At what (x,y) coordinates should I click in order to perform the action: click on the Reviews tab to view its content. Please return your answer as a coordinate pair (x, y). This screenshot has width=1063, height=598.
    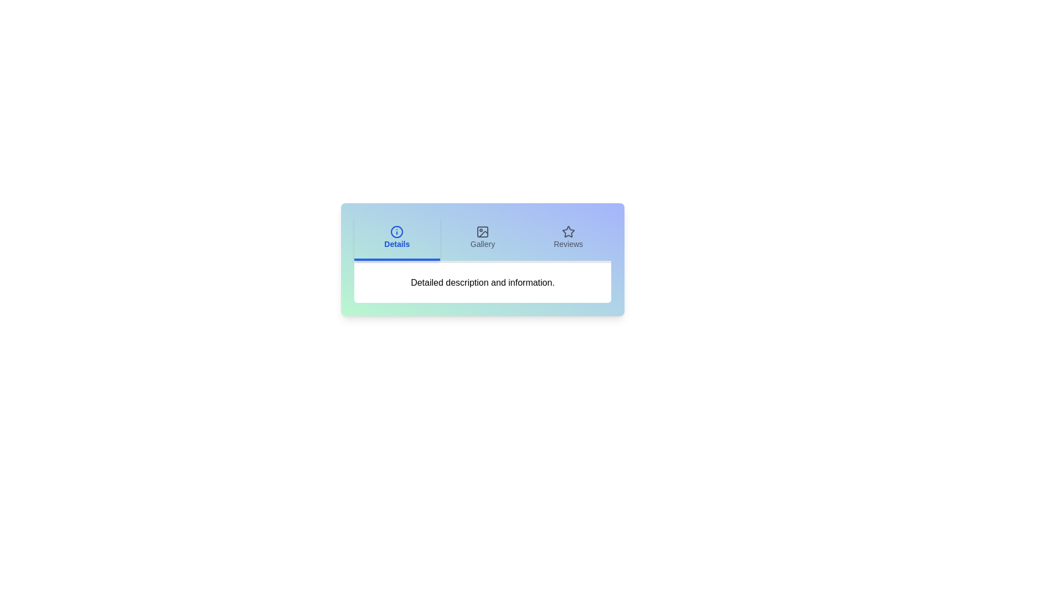
    Looking at the image, I should click on (569, 238).